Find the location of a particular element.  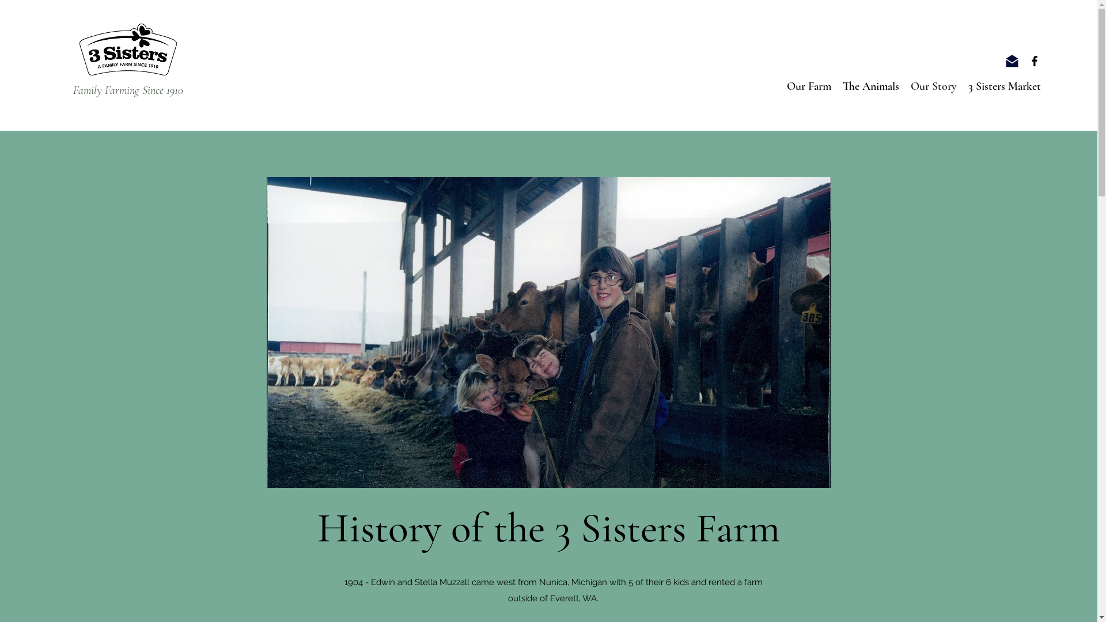

'Family Farming Since 1910' is located at coordinates (127, 90).